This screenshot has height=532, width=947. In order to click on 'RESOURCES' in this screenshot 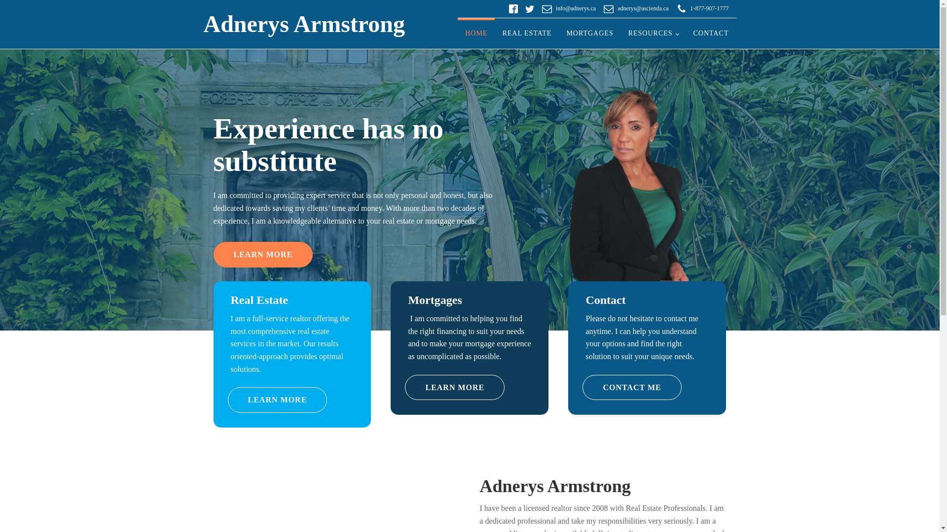, I will do `click(653, 33)`.